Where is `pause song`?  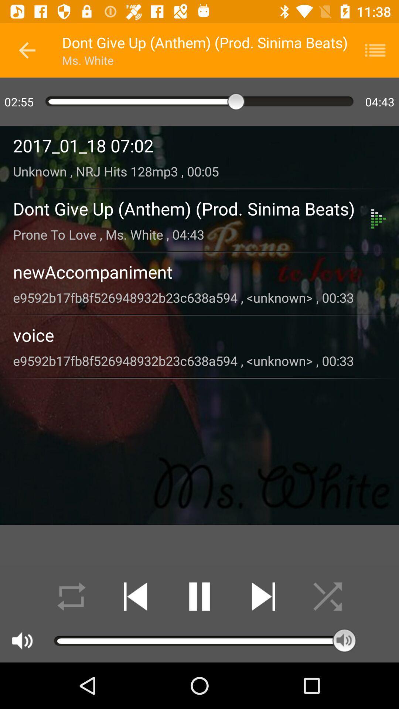 pause song is located at coordinates (199, 596).